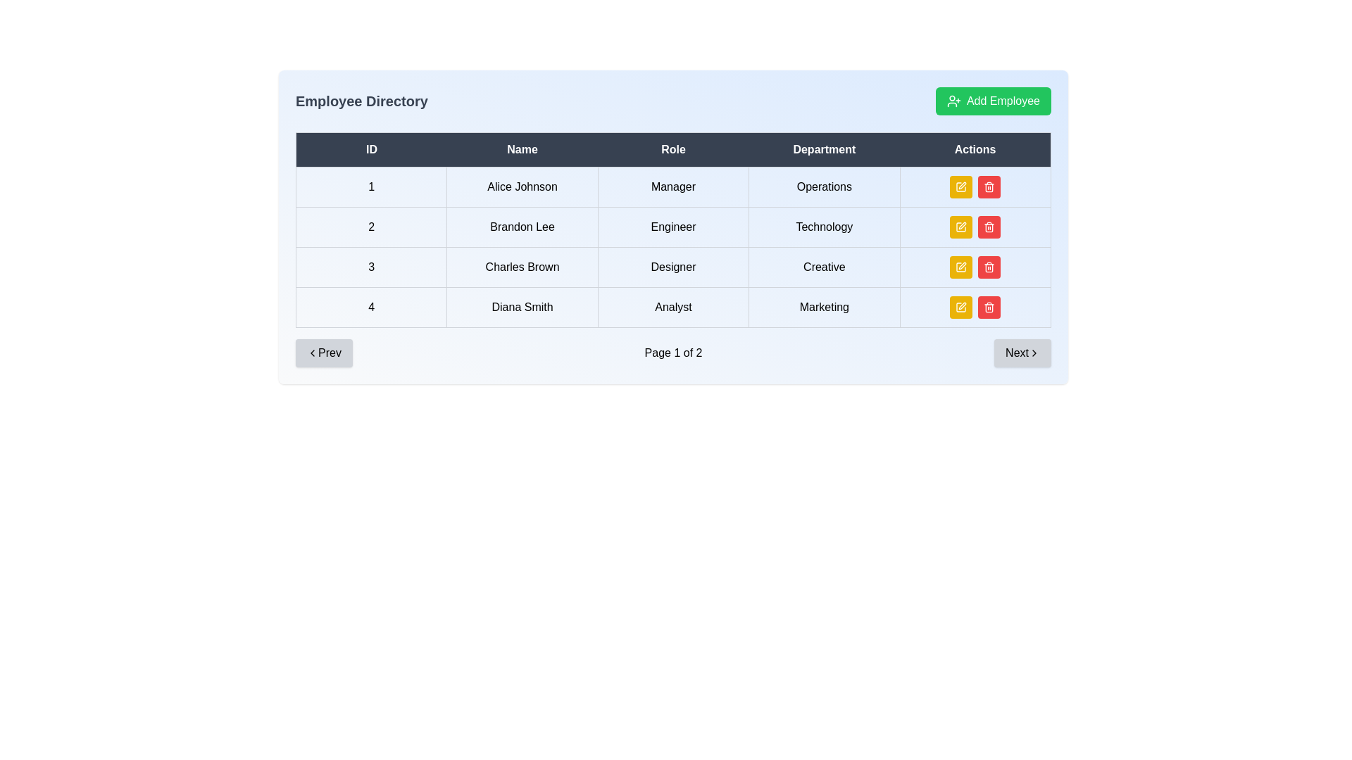 This screenshot has height=760, width=1352. Describe the element at coordinates (989, 227) in the screenshot. I see `the delete button located in the 'Actions' column of the fourth row in the employee table` at that location.